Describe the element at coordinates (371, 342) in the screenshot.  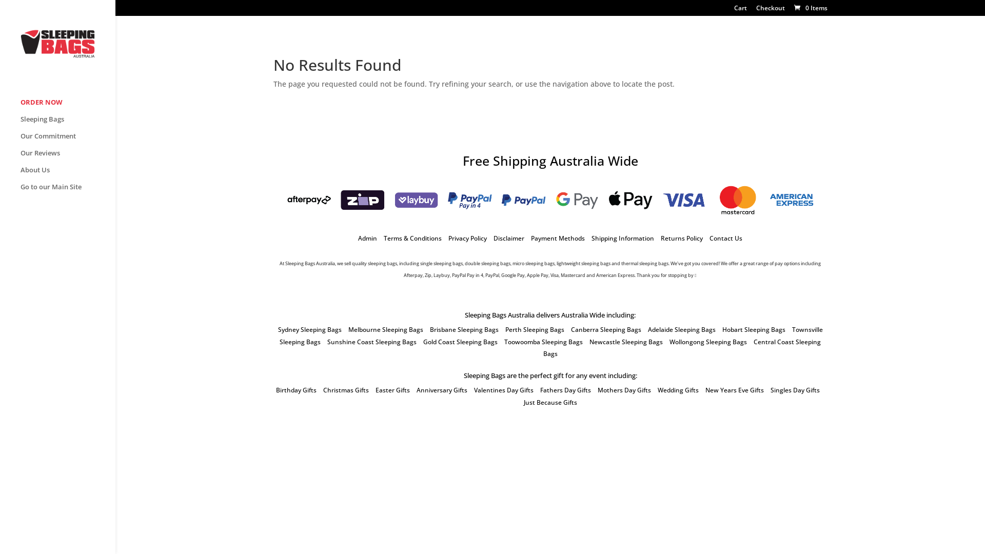
I see `'Sunshine Coast Sleeping Bags'` at that location.